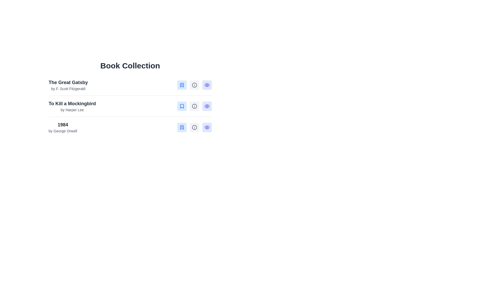 This screenshot has height=282, width=502. Describe the element at coordinates (207, 106) in the screenshot. I see `the small circular button with an eye icon inside, styled in purple, located in the action row of the third book entry ('1984 by George Orwell')` at that location.